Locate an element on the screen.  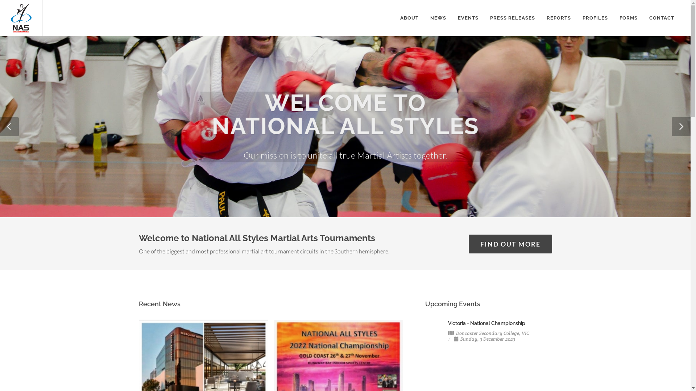
'Victoria - National Championship' is located at coordinates (448, 323).